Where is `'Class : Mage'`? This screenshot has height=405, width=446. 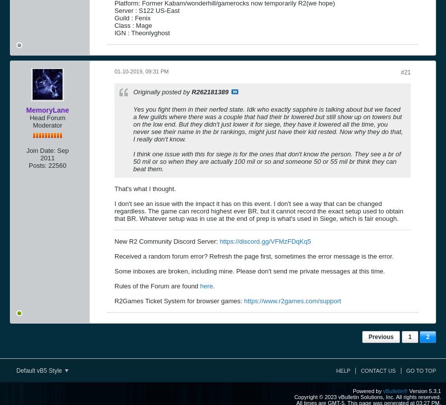
'Class : Mage' is located at coordinates (114, 24).